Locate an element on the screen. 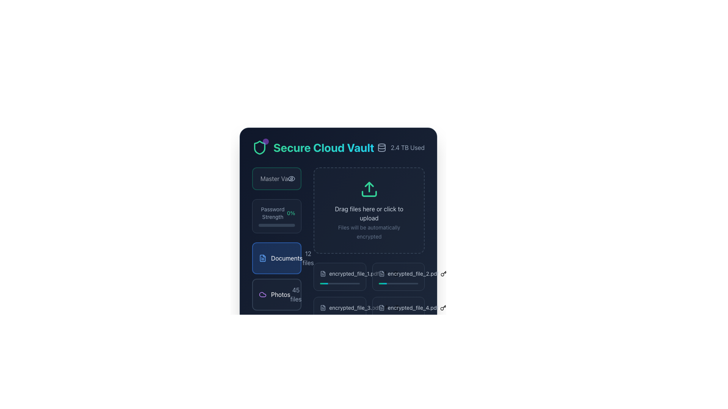 This screenshot has height=409, width=728. the text label displaying 'encrypted_file_3.pdf', which is styled in a small gray font and positioned in the Documents section is located at coordinates (354, 308).